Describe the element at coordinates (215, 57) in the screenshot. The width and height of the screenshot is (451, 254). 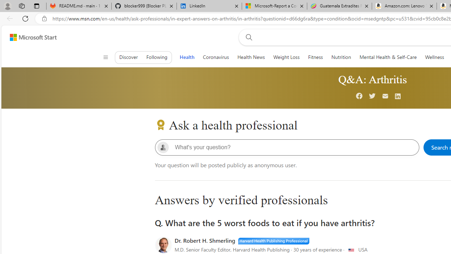
I see `'Coronavirus'` at that location.